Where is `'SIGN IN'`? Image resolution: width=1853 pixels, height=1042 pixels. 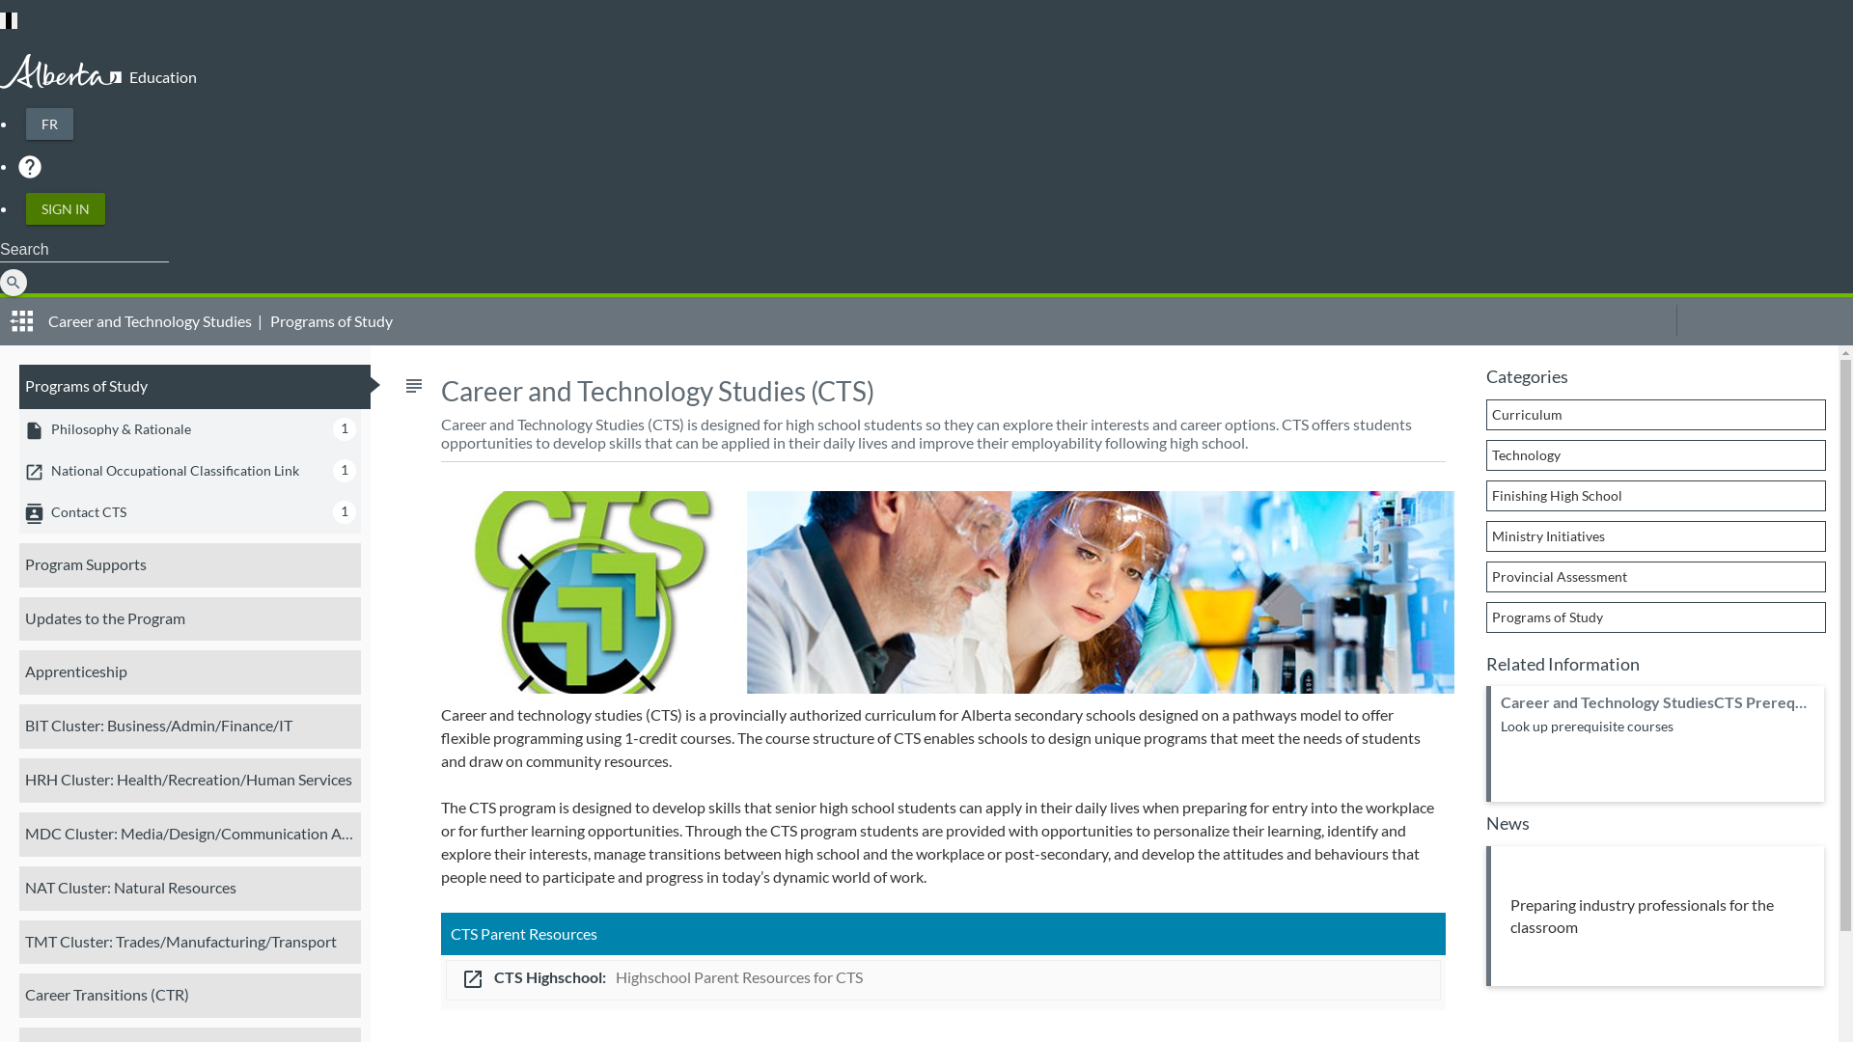 'SIGN IN' is located at coordinates (26, 208).